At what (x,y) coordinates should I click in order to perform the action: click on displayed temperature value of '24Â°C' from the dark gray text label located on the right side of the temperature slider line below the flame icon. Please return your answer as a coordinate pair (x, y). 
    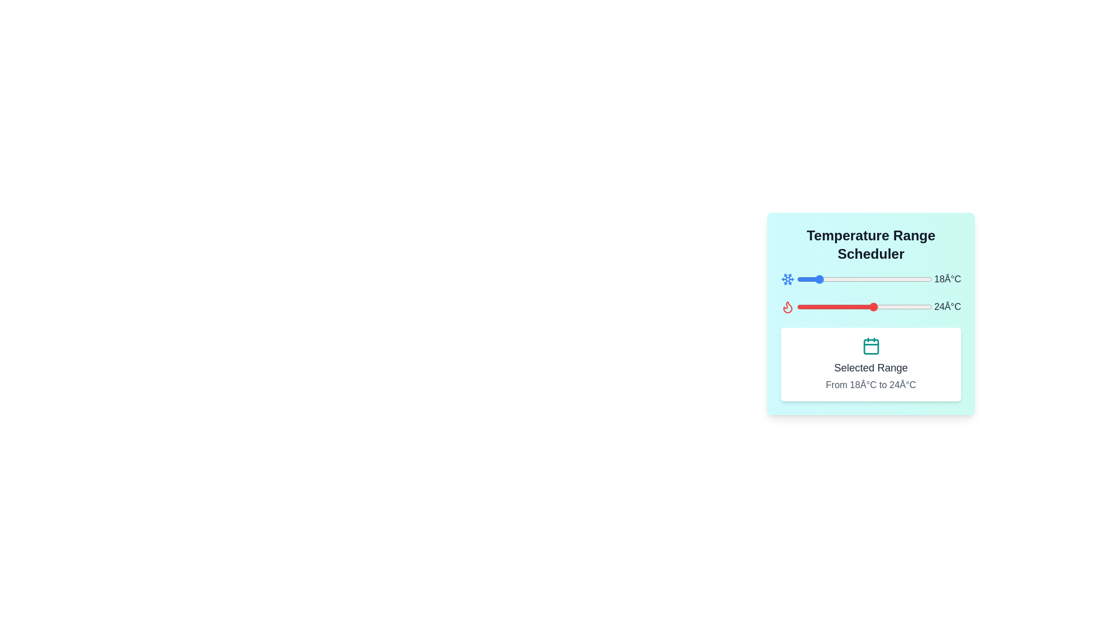
    Looking at the image, I should click on (947, 306).